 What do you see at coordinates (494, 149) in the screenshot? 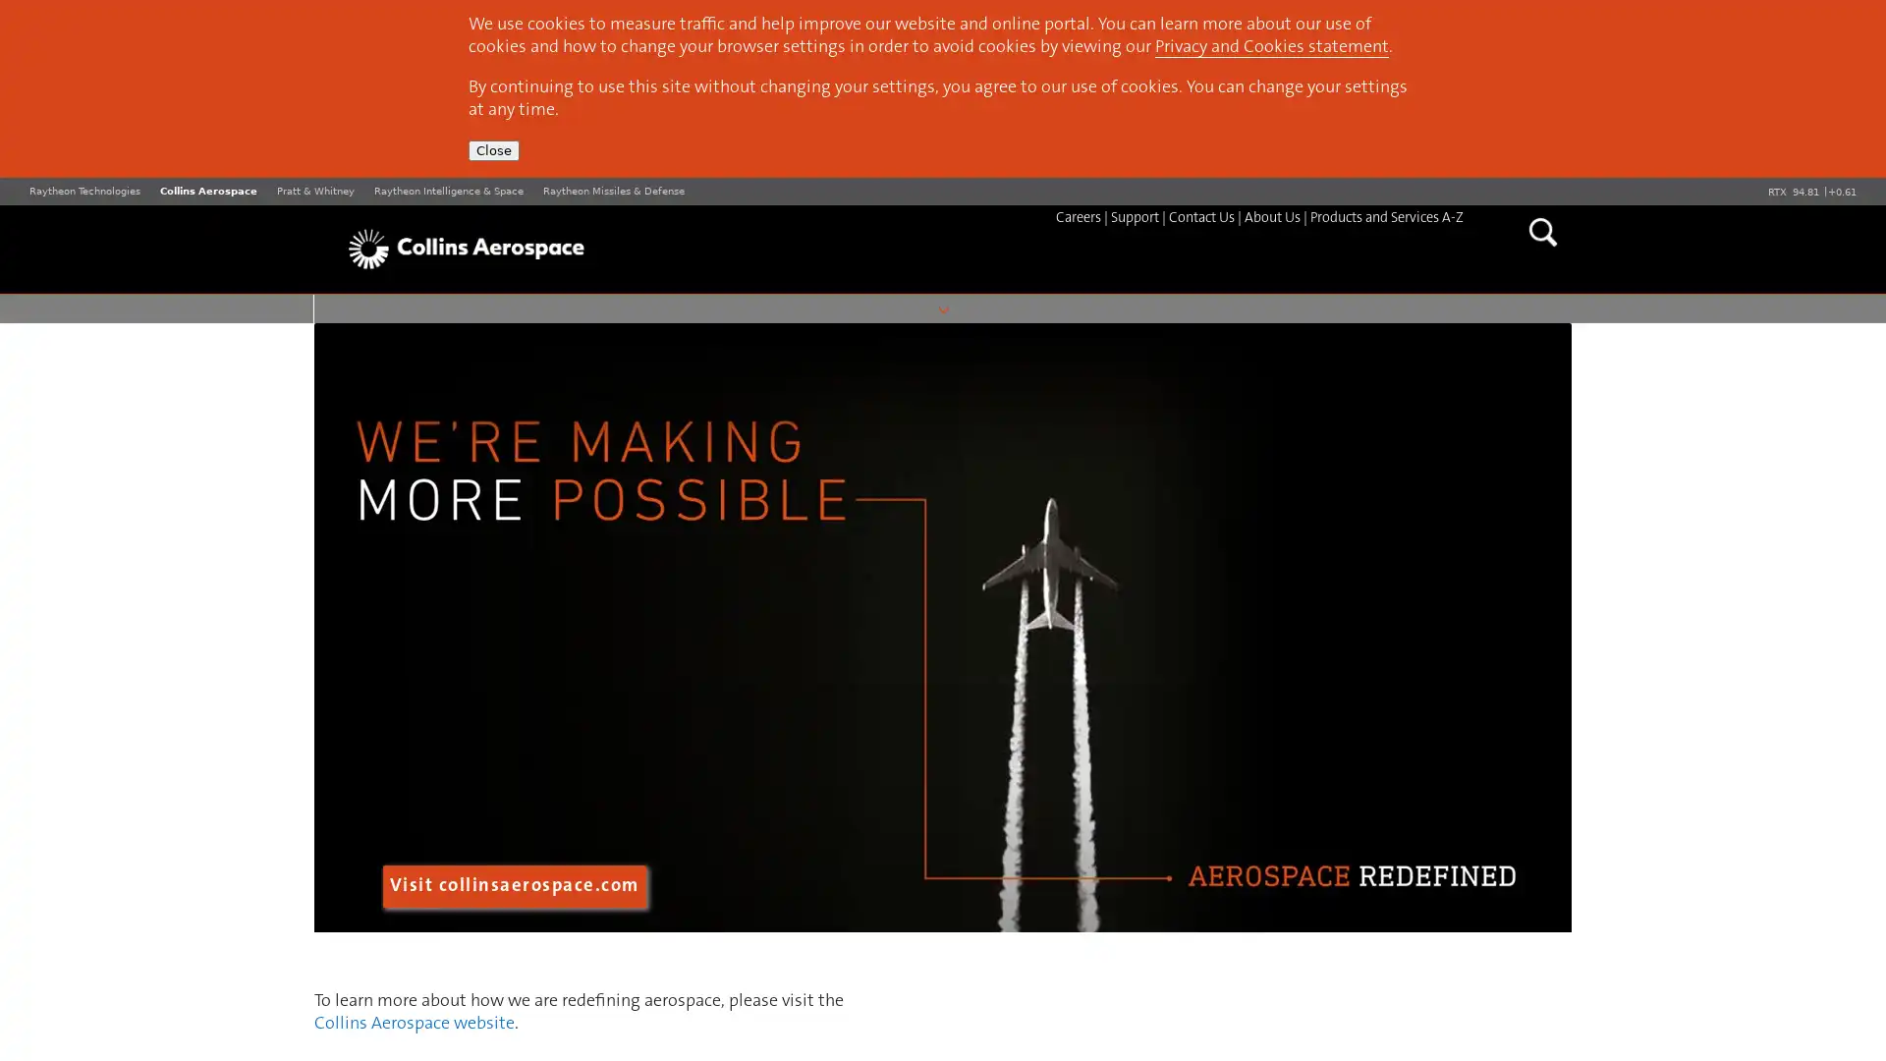
I see `Close` at bounding box center [494, 149].